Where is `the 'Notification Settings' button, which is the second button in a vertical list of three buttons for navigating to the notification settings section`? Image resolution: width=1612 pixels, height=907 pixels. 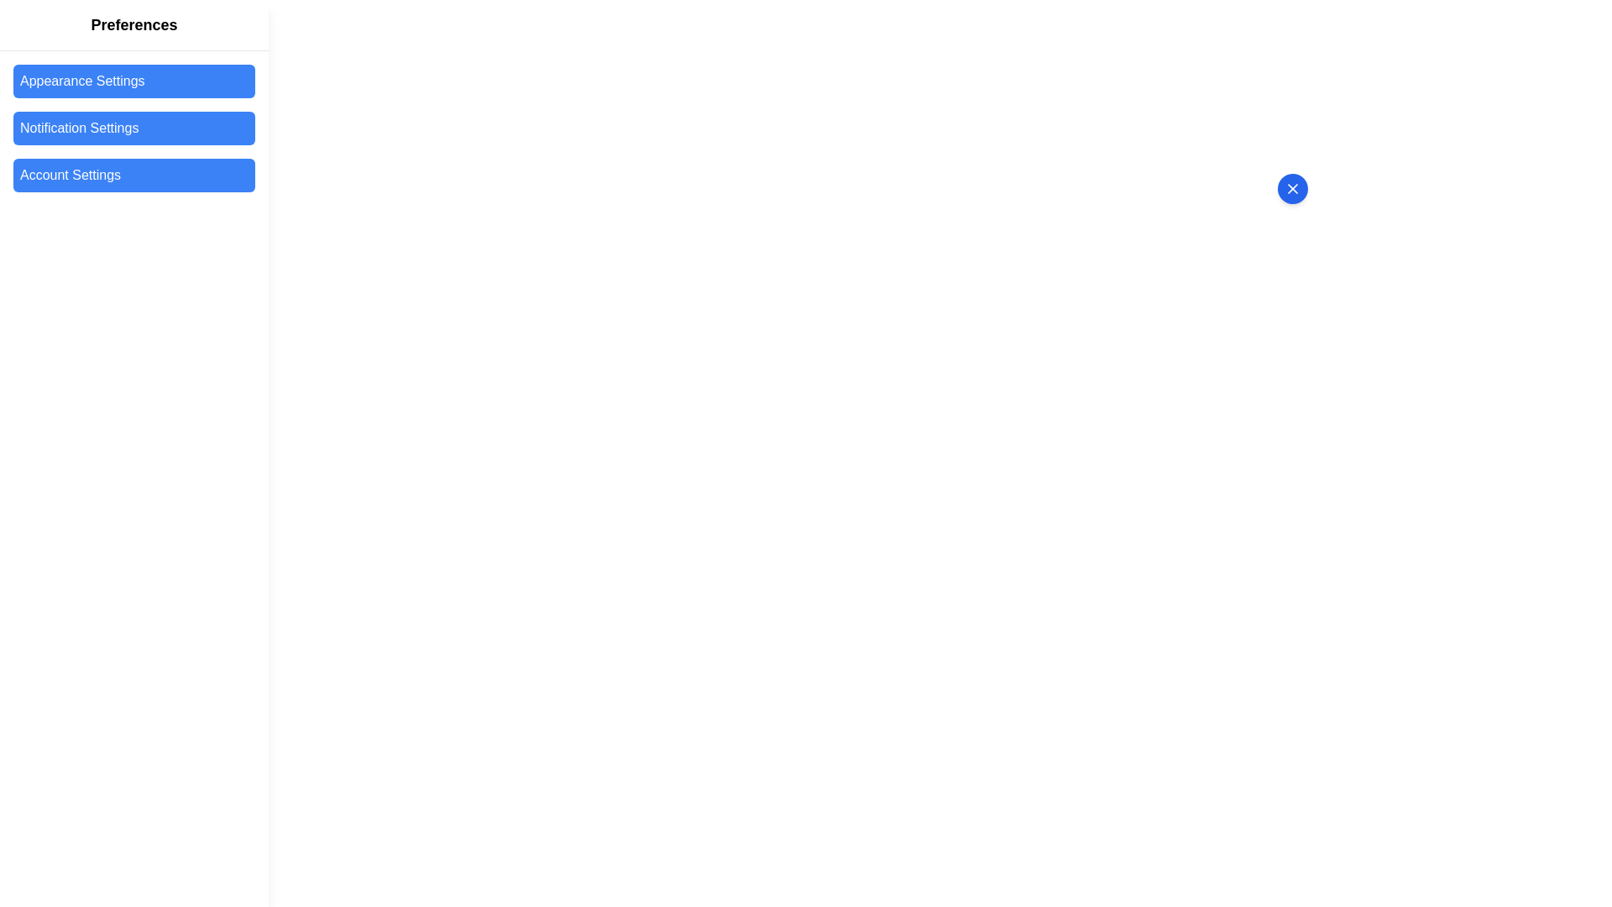 the 'Notification Settings' button, which is the second button in a vertical list of three buttons for navigating to the notification settings section is located at coordinates (133, 128).